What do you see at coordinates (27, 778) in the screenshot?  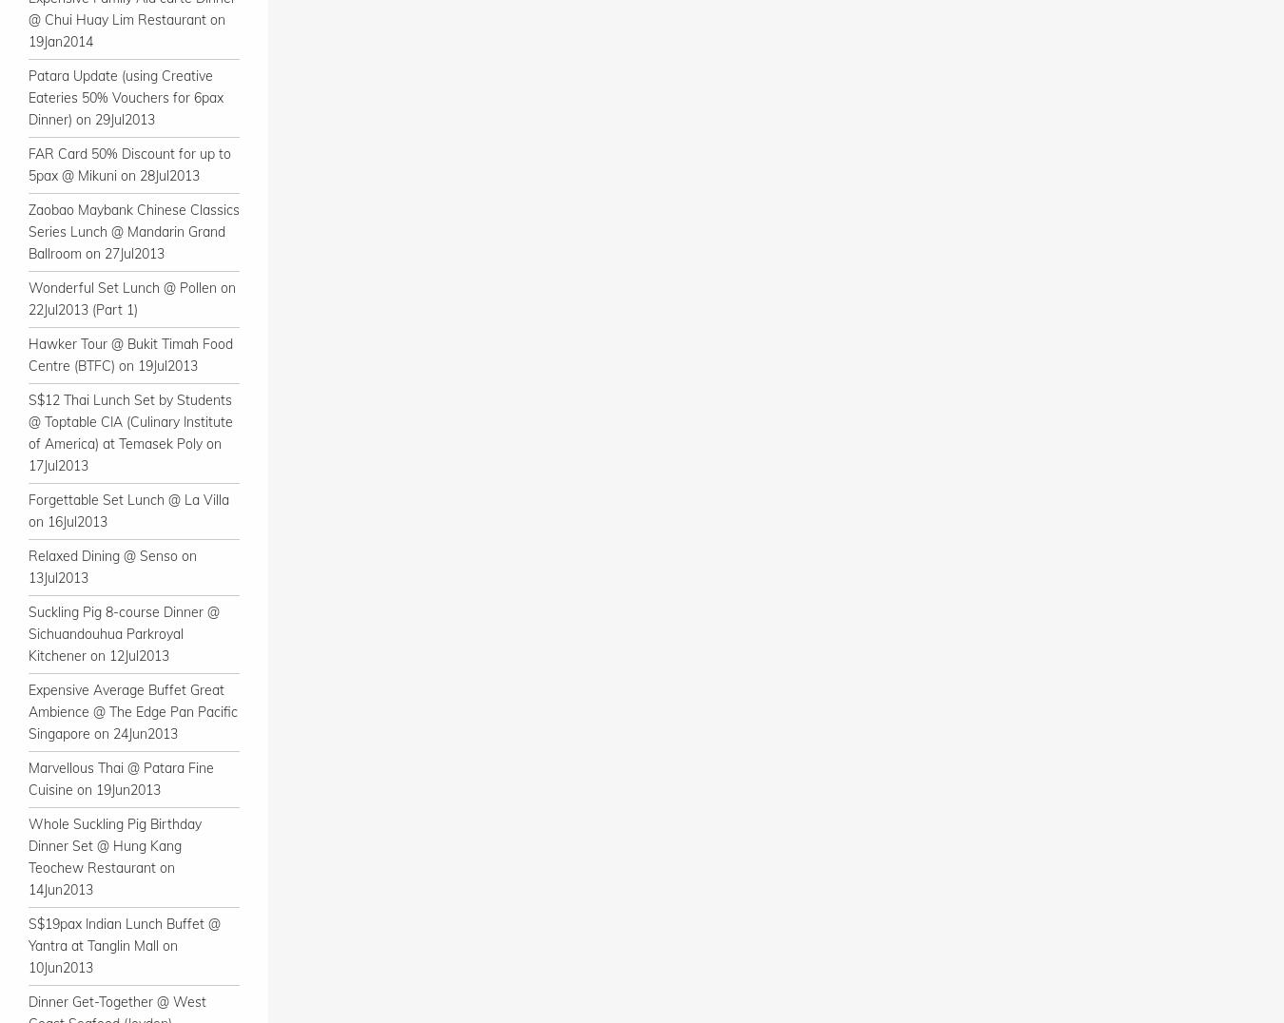 I see `'Marvellous Thai @ Patara Fine Cuisine on 19Jun2013'` at bounding box center [27, 778].